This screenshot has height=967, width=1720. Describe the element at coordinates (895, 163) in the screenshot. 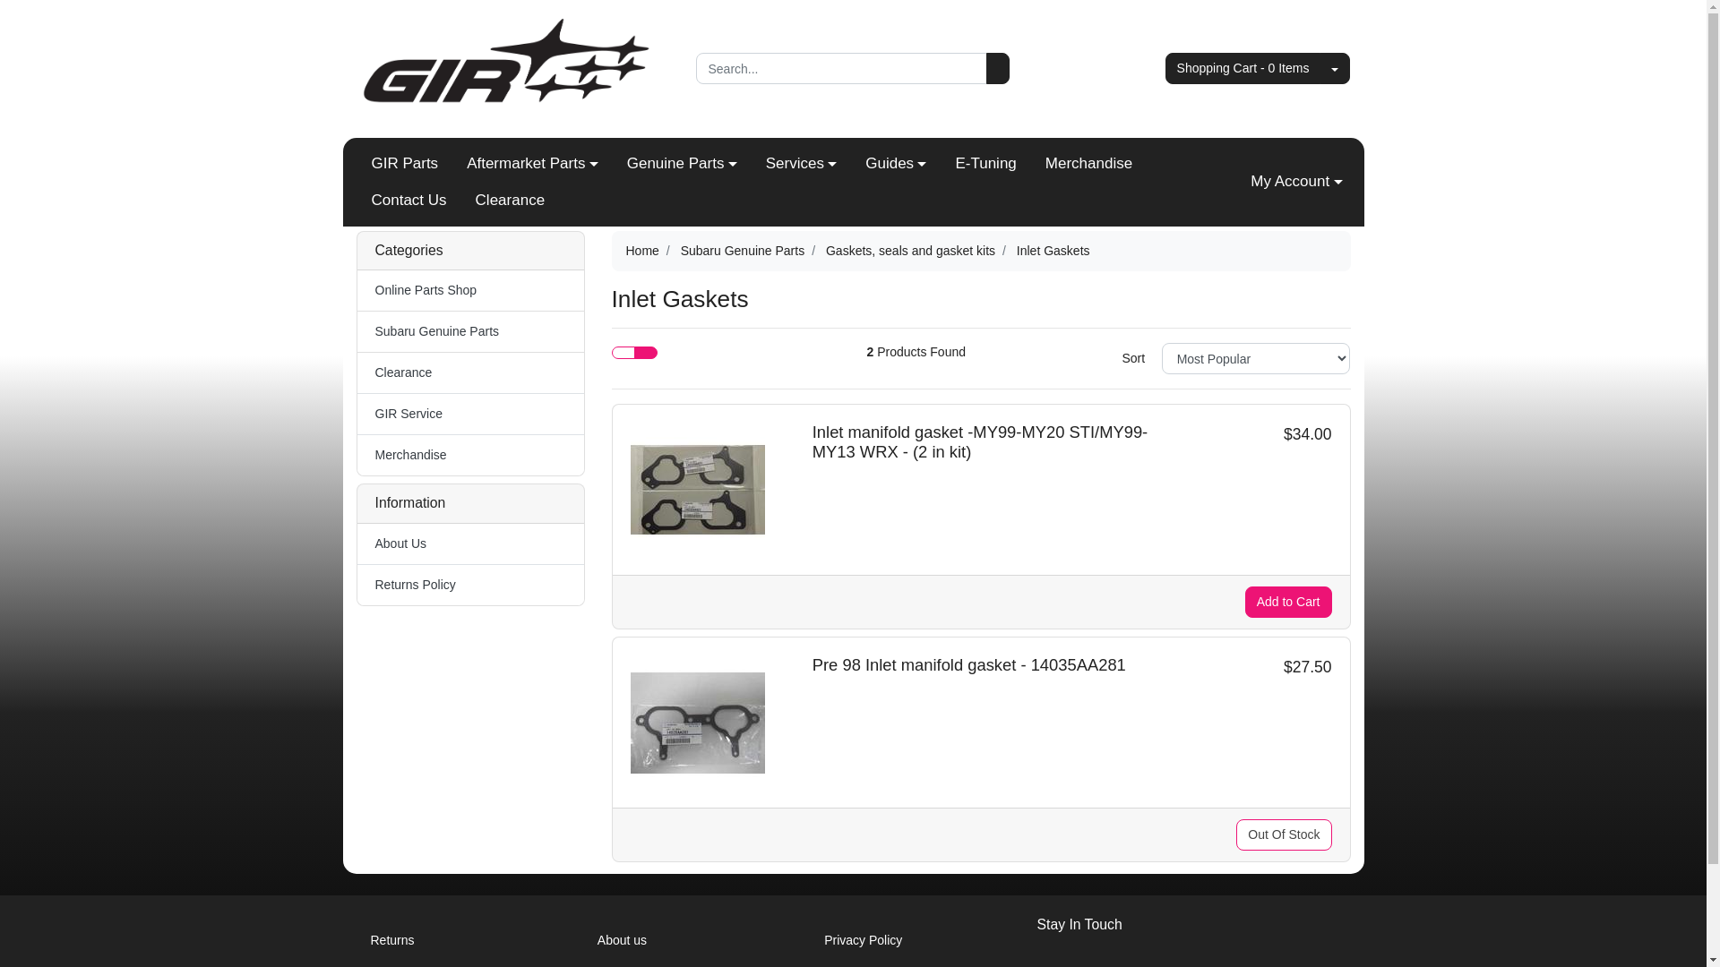

I see `'Guides'` at that location.